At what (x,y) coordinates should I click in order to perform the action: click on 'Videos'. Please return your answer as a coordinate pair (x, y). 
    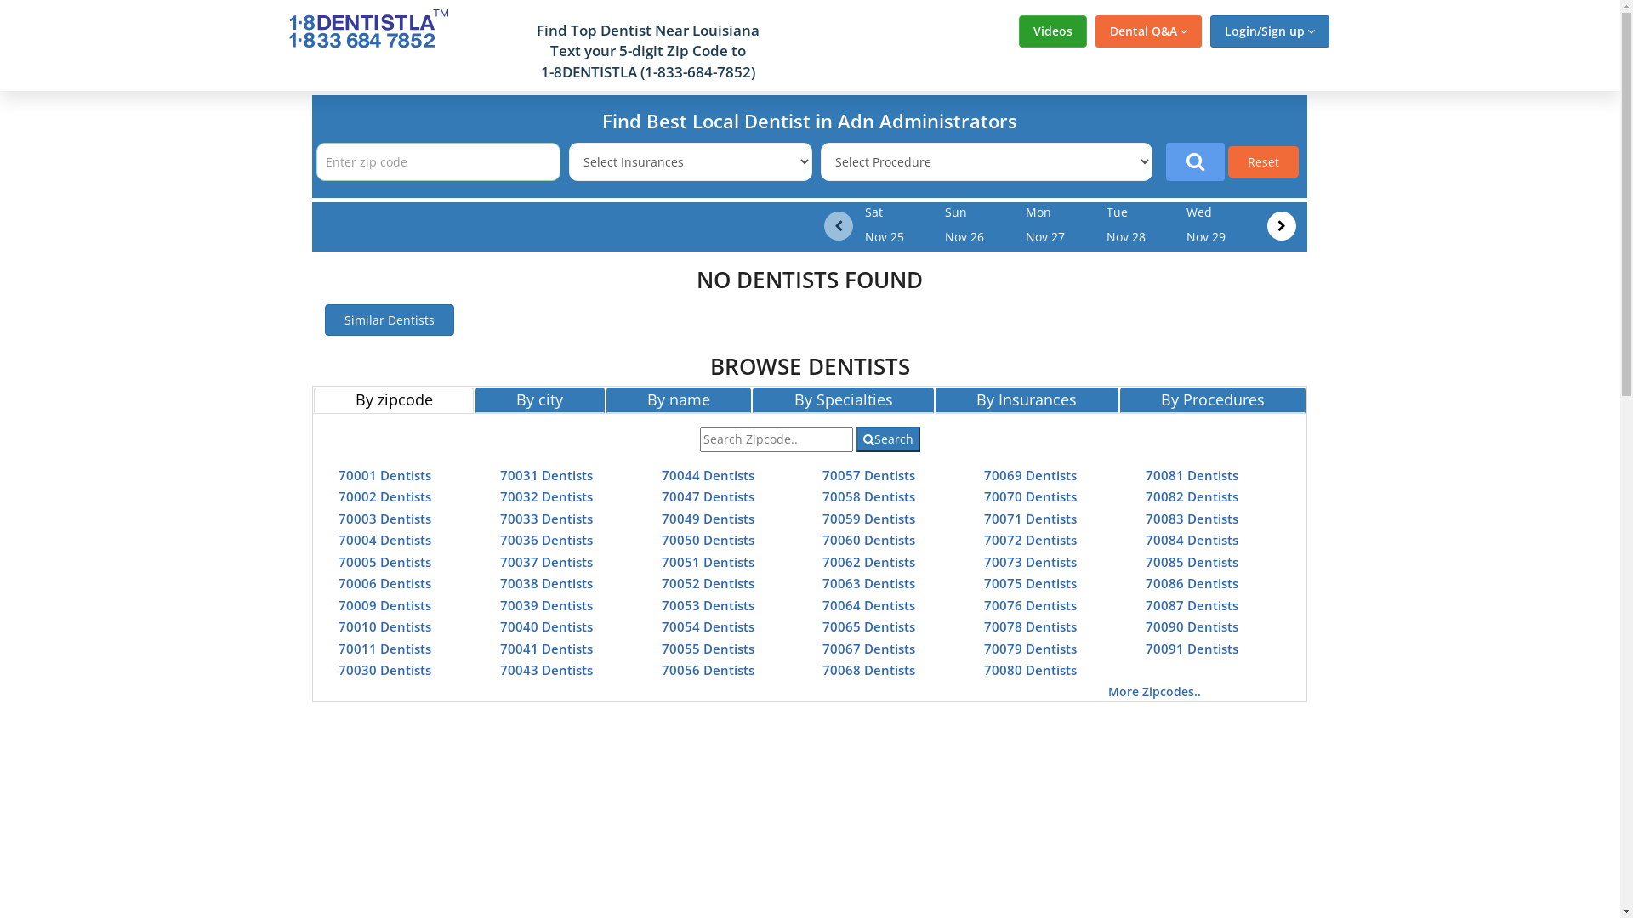
    Looking at the image, I should click on (1052, 31).